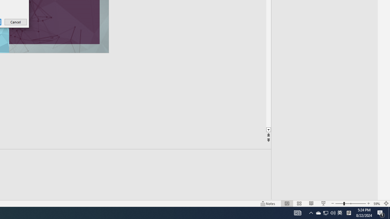 Image resolution: width=390 pixels, height=219 pixels. I want to click on 'System Promoted Notification Area', so click(318, 212).